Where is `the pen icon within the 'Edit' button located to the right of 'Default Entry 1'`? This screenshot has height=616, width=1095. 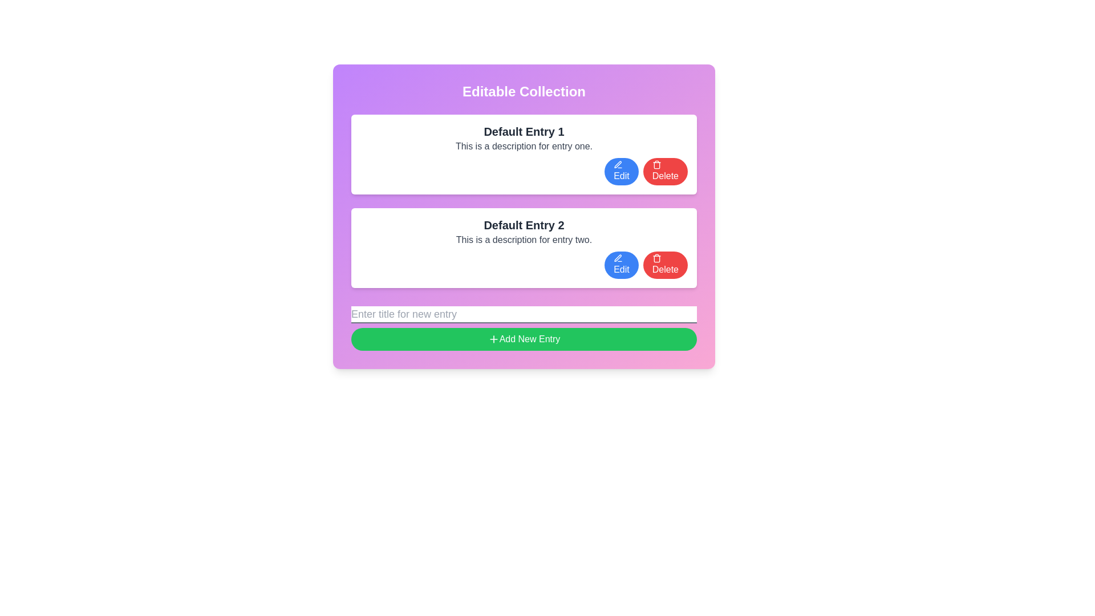 the pen icon within the 'Edit' button located to the right of 'Default Entry 1' is located at coordinates (617, 164).